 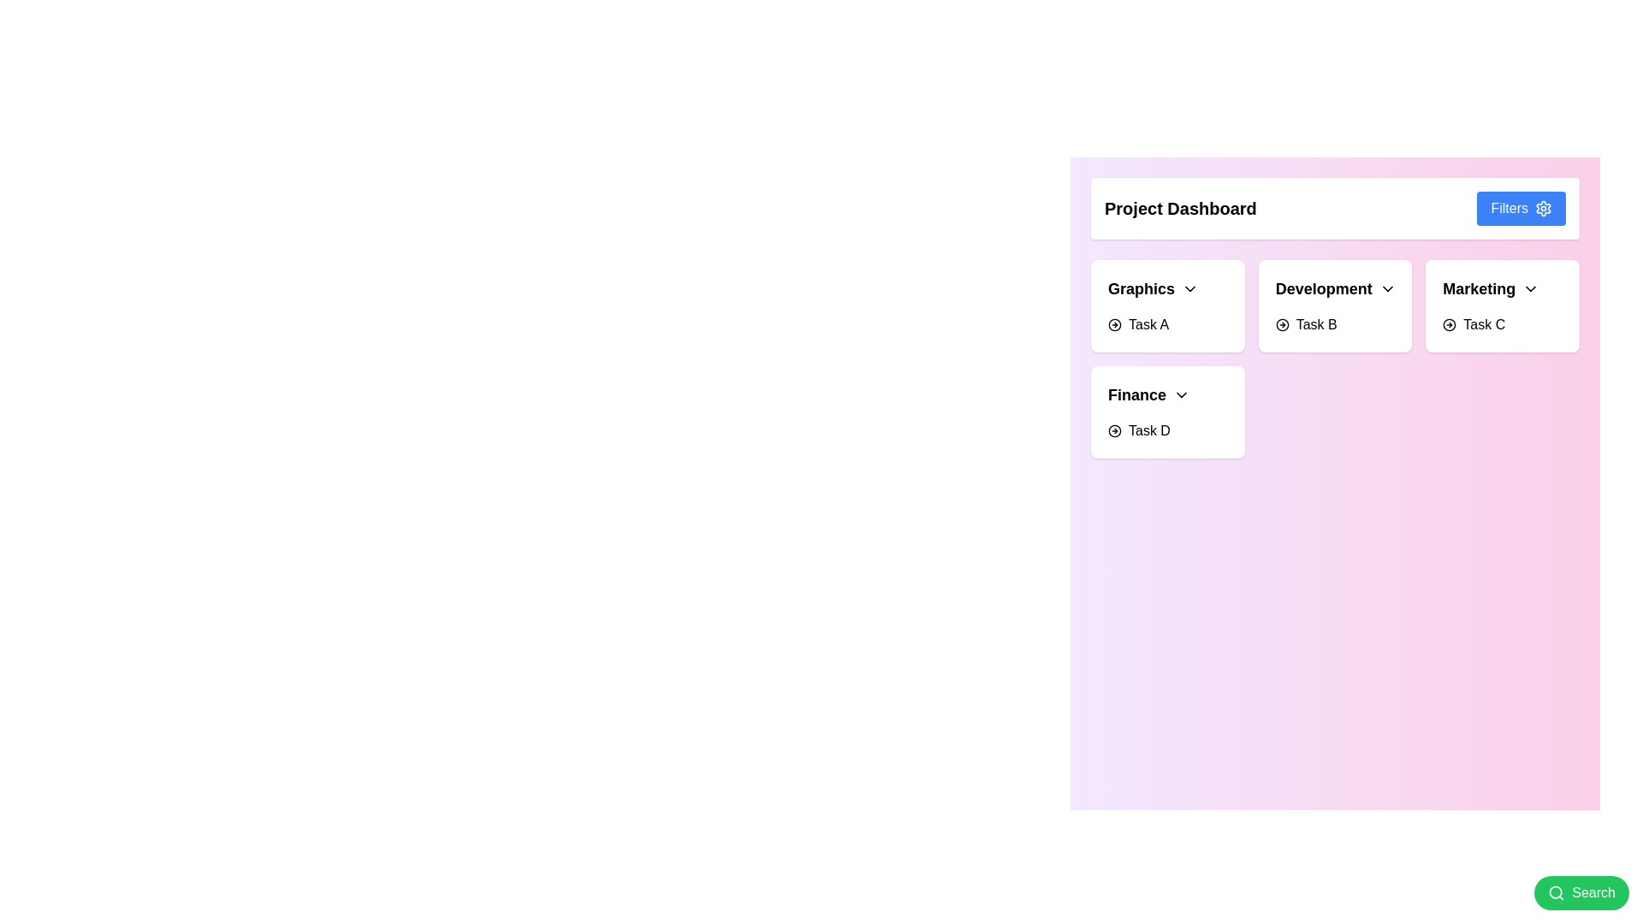 I want to click on the icon located in the 'Development' section adjacent to the text 'Task B', so click(x=1282, y=325).